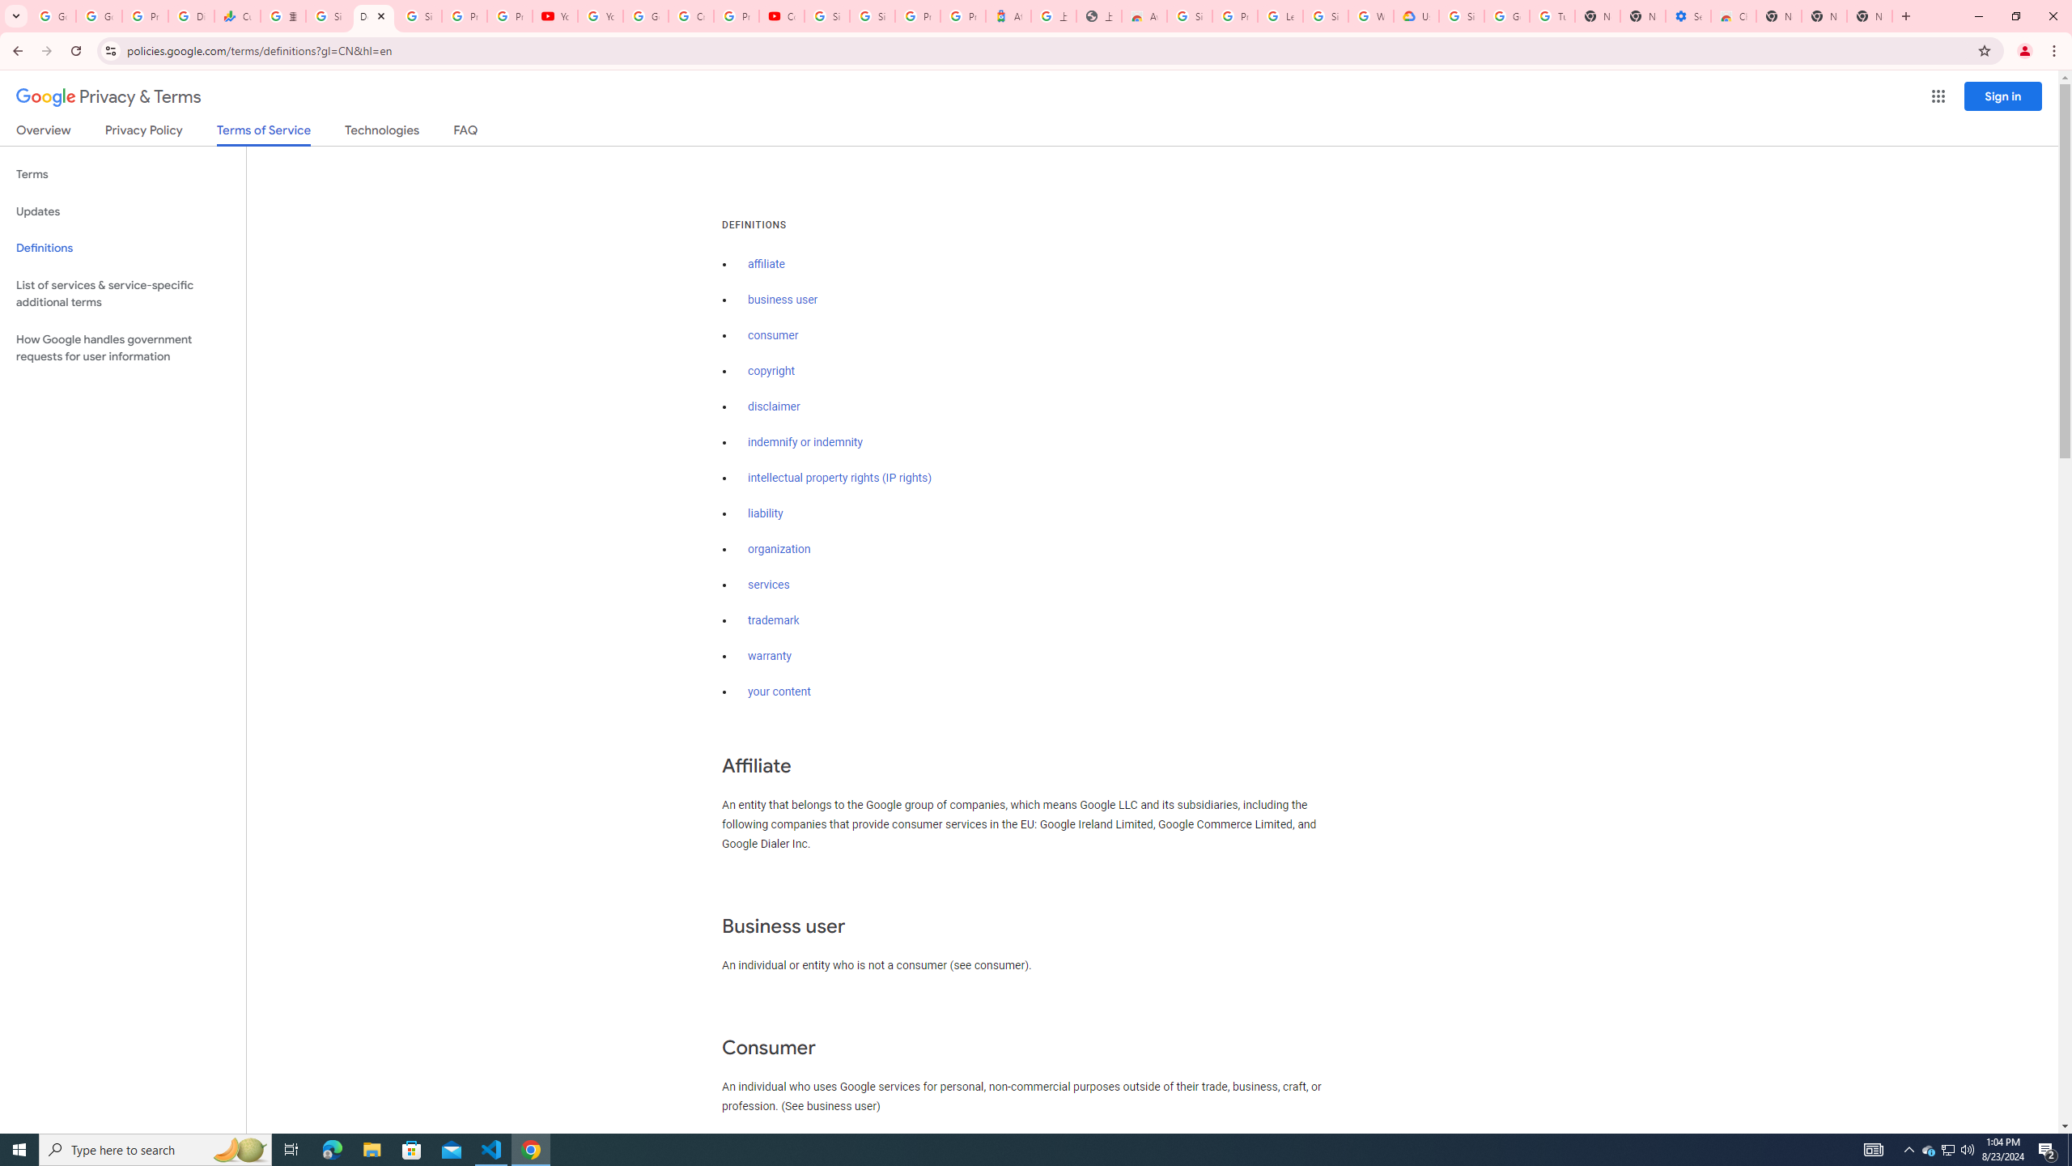 The width and height of the screenshot is (2072, 1166). I want to click on 'How Google handles government requests for user information', so click(122, 347).